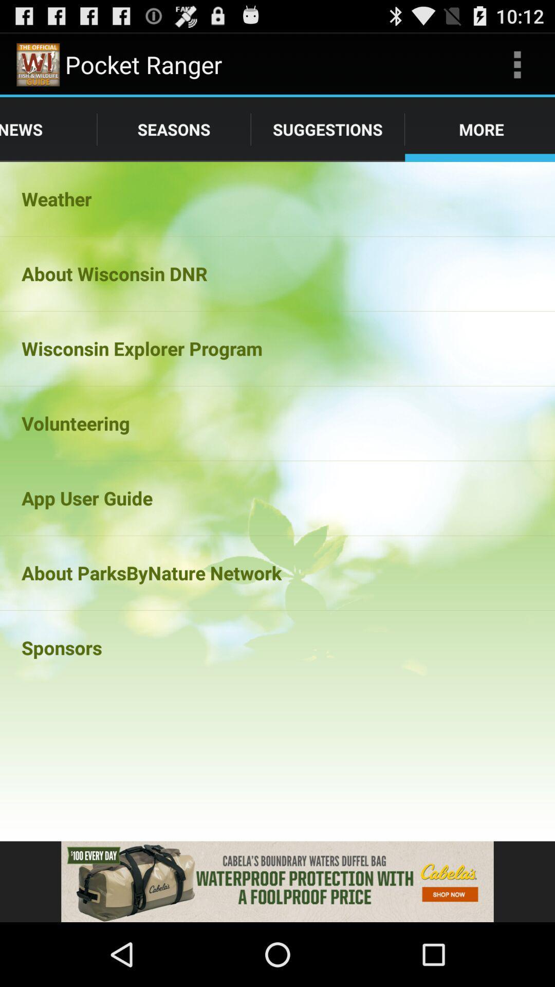 The height and width of the screenshot is (987, 555). Describe the element at coordinates (277, 881) in the screenshot. I see `advertisement banner` at that location.